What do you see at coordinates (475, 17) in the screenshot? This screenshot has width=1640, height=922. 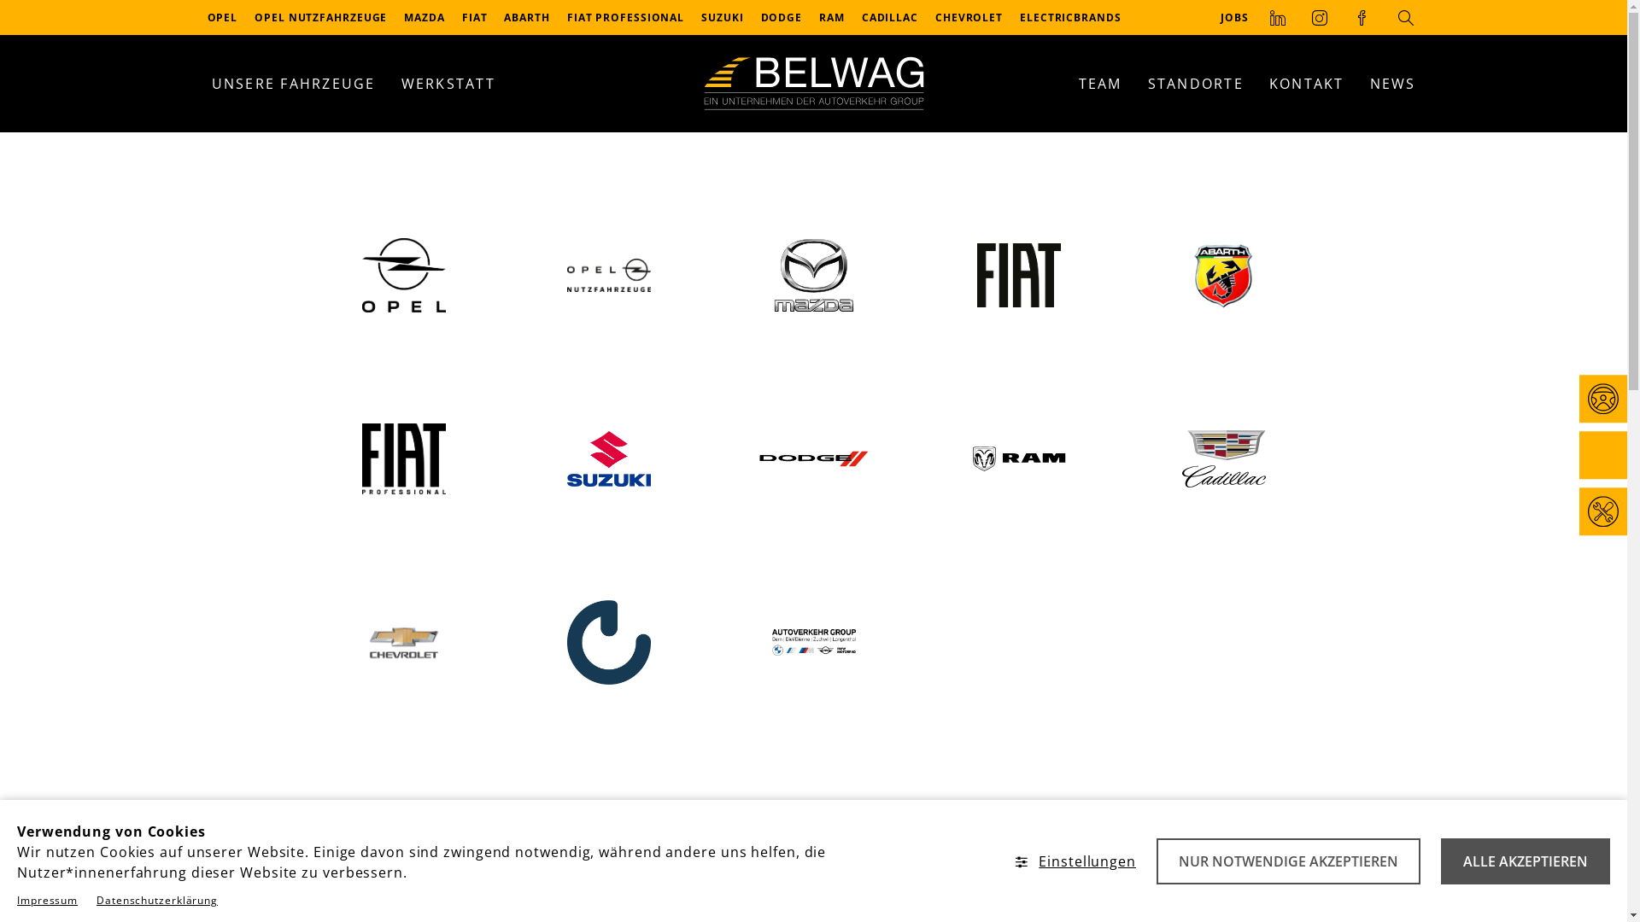 I see `'FIAT'` at bounding box center [475, 17].